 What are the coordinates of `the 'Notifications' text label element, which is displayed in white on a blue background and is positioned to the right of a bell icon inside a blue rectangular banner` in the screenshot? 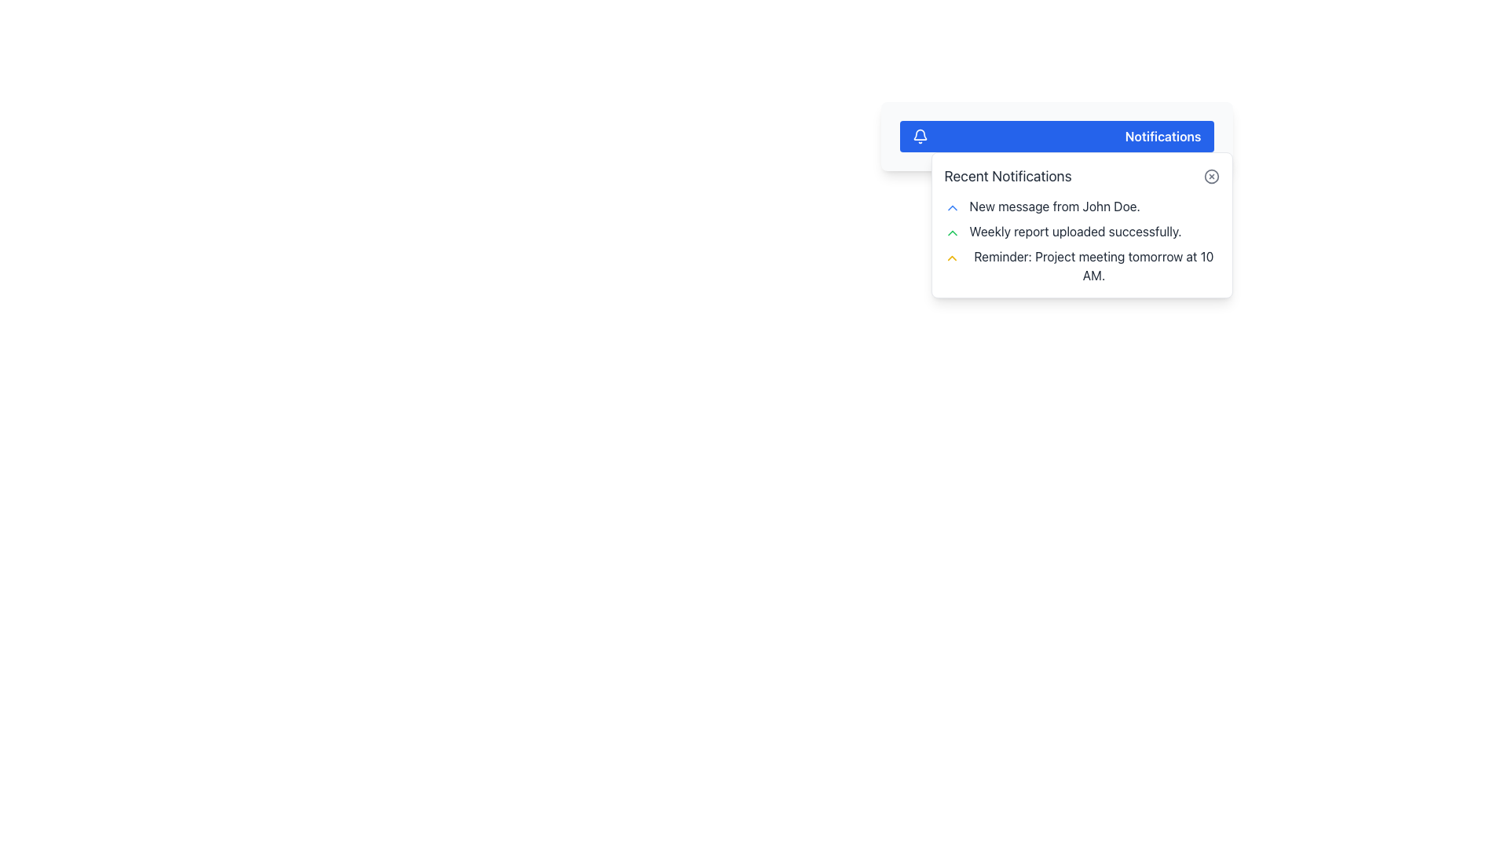 It's located at (1163, 135).